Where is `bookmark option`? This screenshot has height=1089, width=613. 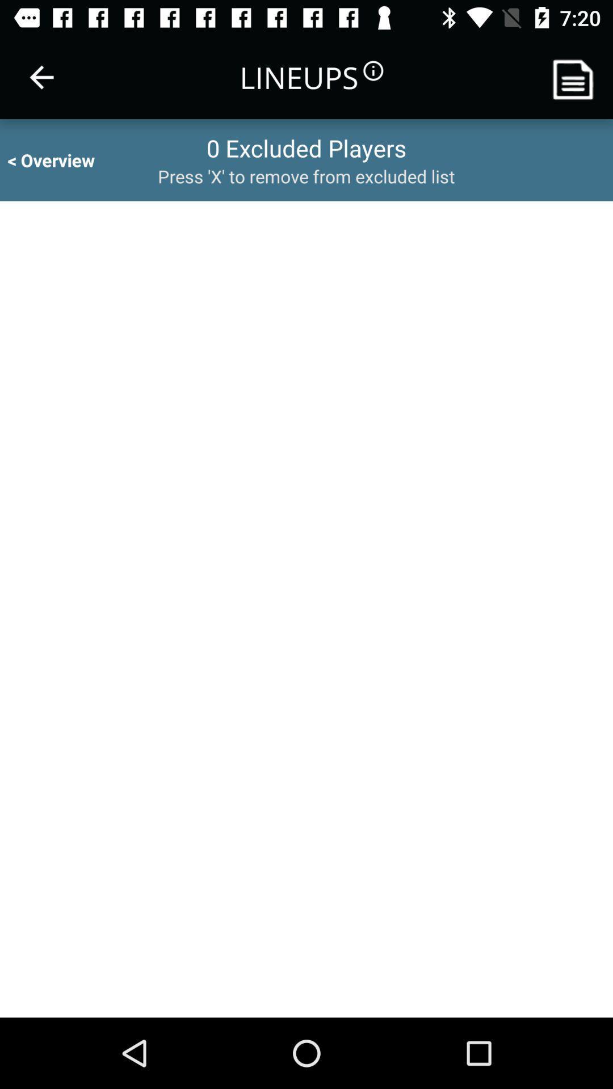
bookmark option is located at coordinates (577, 77).